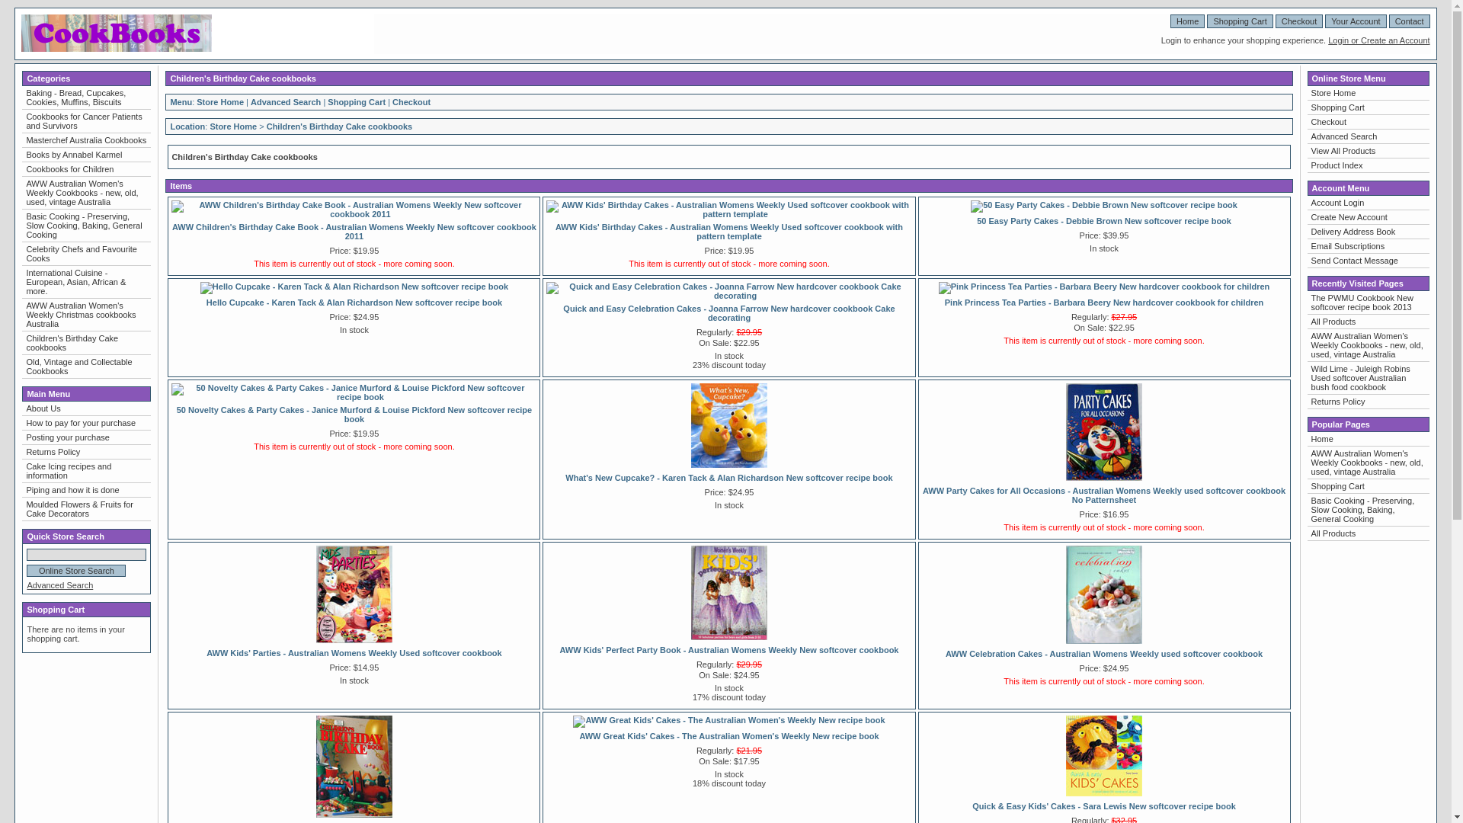 This screenshot has width=1463, height=823. What do you see at coordinates (1368, 232) in the screenshot?
I see `'Delivery Address Book'` at bounding box center [1368, 232].